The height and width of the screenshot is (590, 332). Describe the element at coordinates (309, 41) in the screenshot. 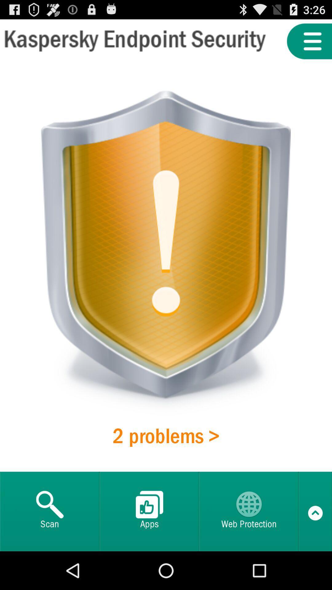

I see `menu` at that location.